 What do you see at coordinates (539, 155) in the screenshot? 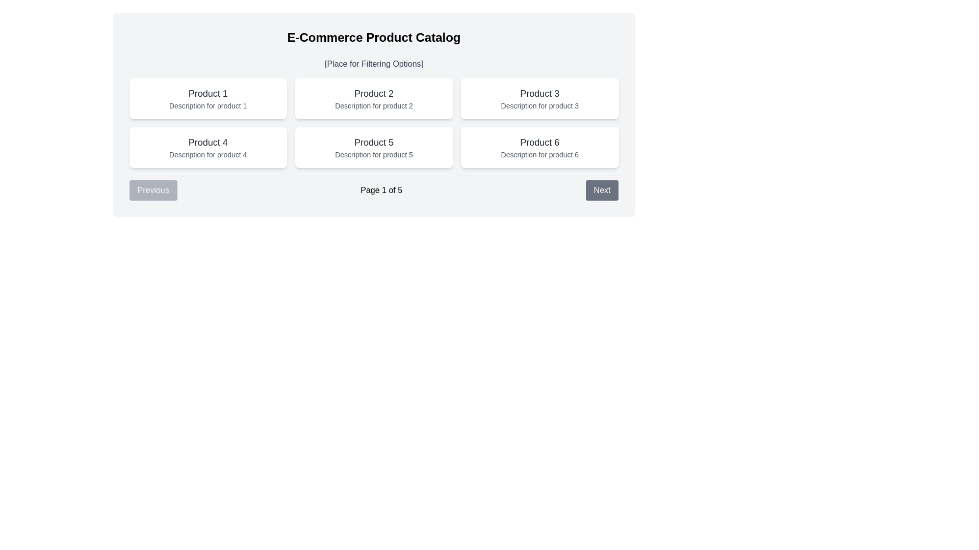
I see `the static text label providing supplementary information for Product 6, located directly underneath the title 'Product 6' in the bottom-right corner of the product grid` at bounding box center [539, 155].